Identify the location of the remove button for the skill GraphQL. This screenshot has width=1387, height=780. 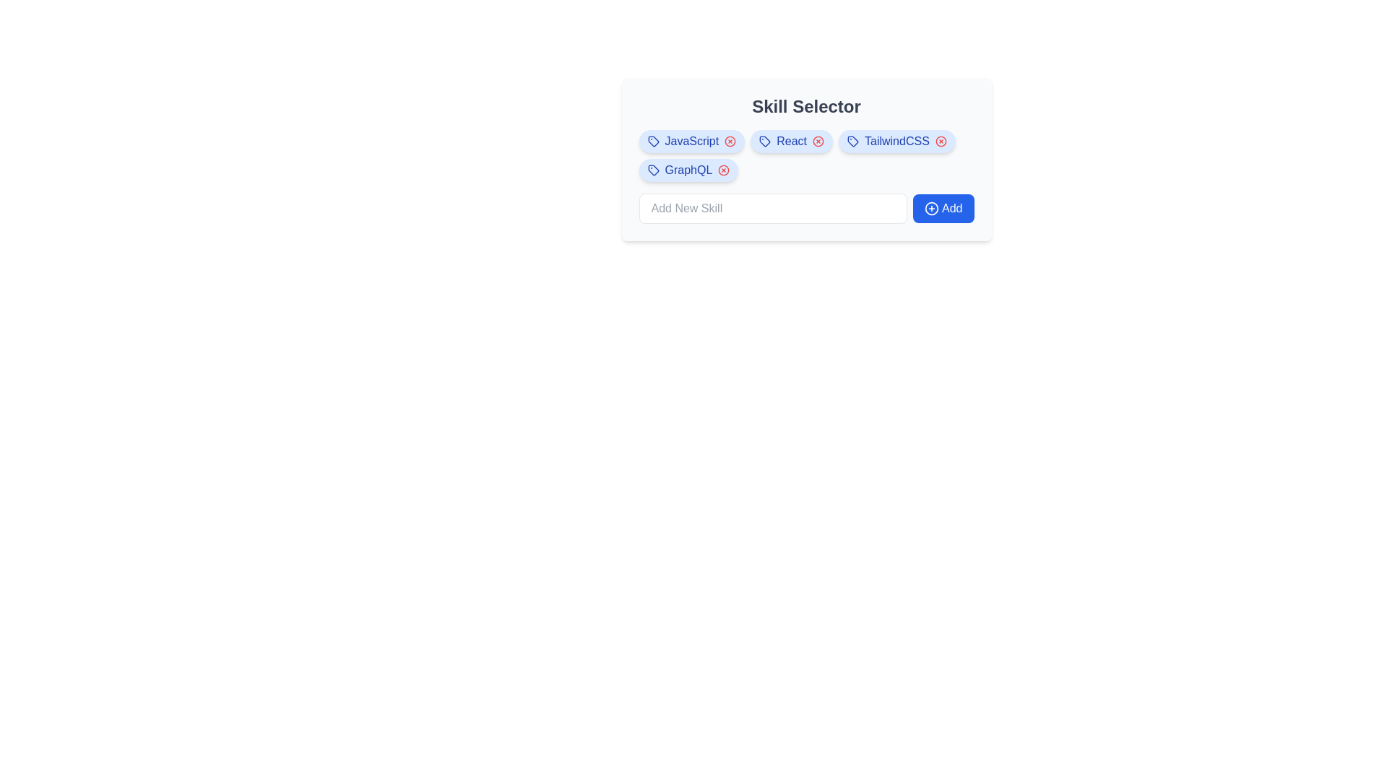
(724, 169).